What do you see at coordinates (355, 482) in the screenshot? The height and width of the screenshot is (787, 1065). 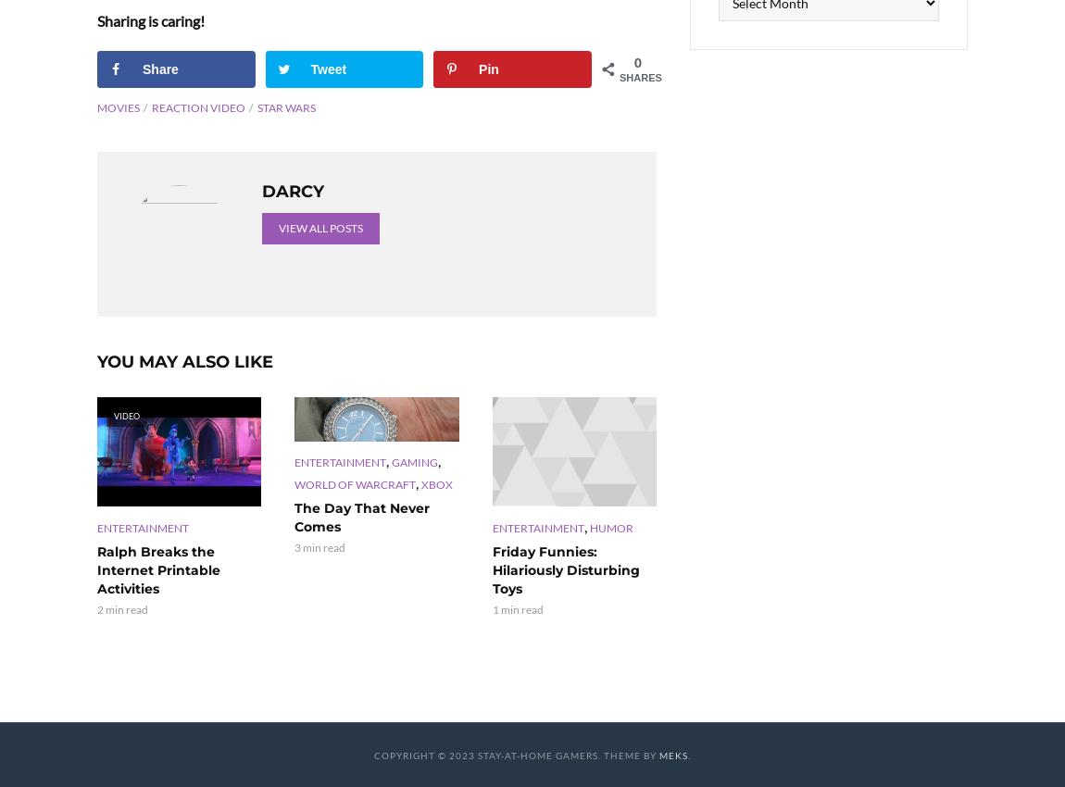 I see `'World of Warcraft'` at bounding box center [355, 482].